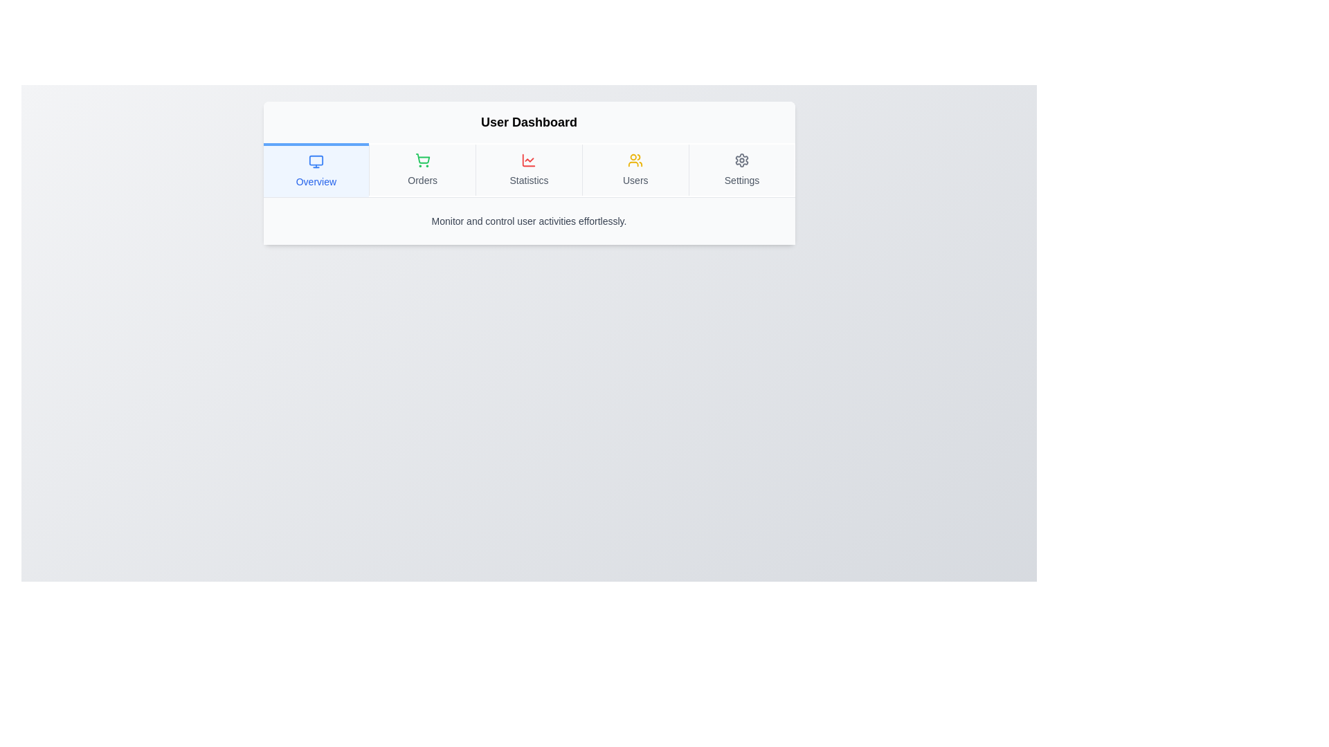  What do you see at coordinates (315, 161) in the screenshot?
I see `the 'Overview' icon located in the top row of tabs on the user interface, which visually represents the 'Overview' section of options within the dashboard` at bounding box center [315, 161].